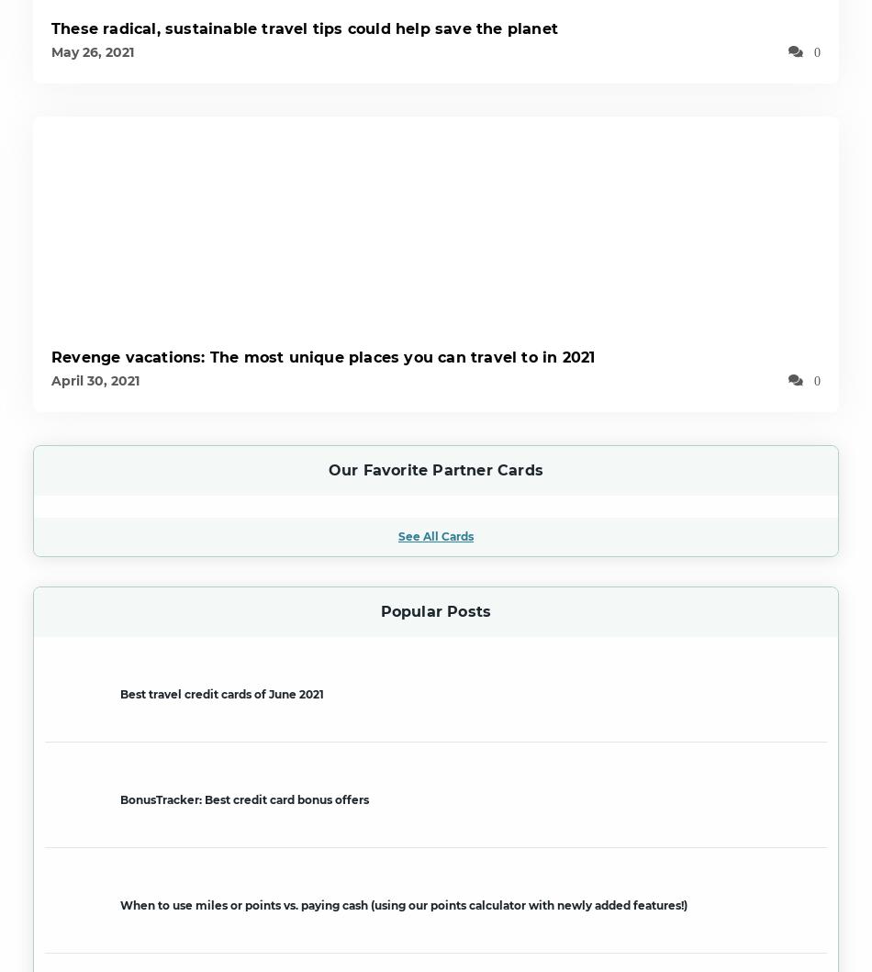  I want to click on 'When to use miles or points vs. paying cash (using our points calculator with newly added features!)', so click(403, 904).